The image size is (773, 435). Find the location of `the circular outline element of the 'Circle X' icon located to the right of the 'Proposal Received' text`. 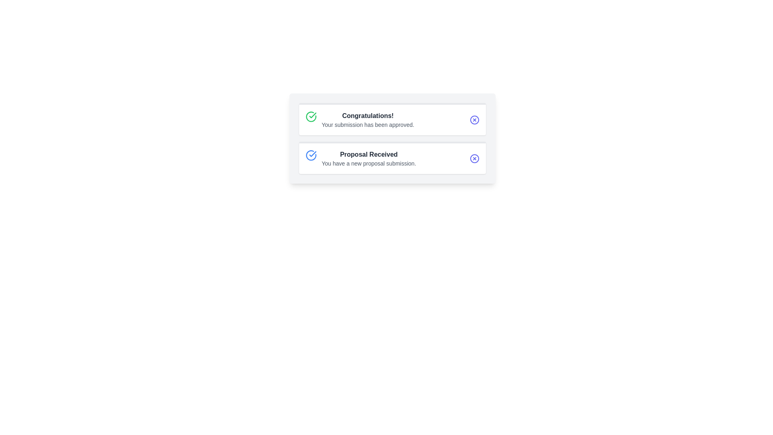

the circular outline element of the 'Circle X' icon located to the right of the 'Proposal Received' text is located at coordinates (475, 158).